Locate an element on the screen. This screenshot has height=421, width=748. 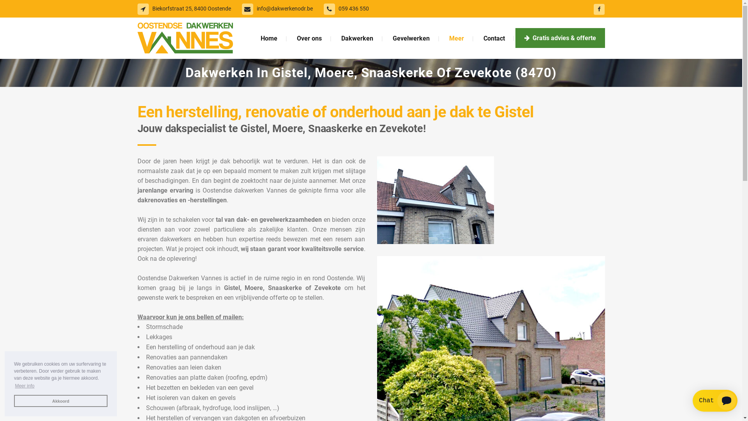
'Gratis advies & offerte' is located at coordinates (515, 38).